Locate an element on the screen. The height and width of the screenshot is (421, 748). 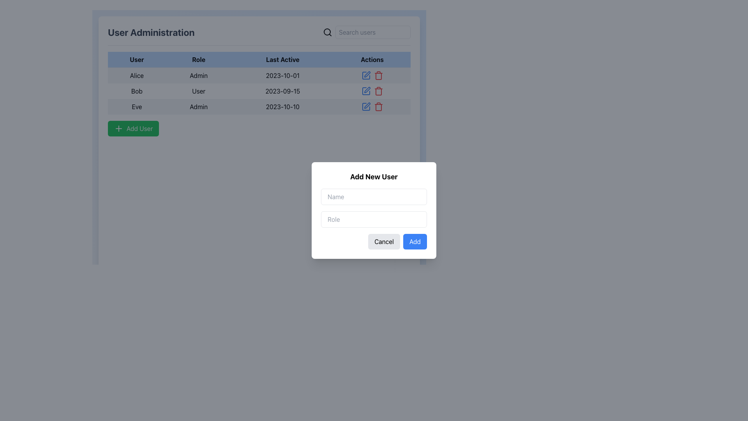
the submit button located at the bottom-right corner of the modal dialog box is located at coordinates (415, 241).